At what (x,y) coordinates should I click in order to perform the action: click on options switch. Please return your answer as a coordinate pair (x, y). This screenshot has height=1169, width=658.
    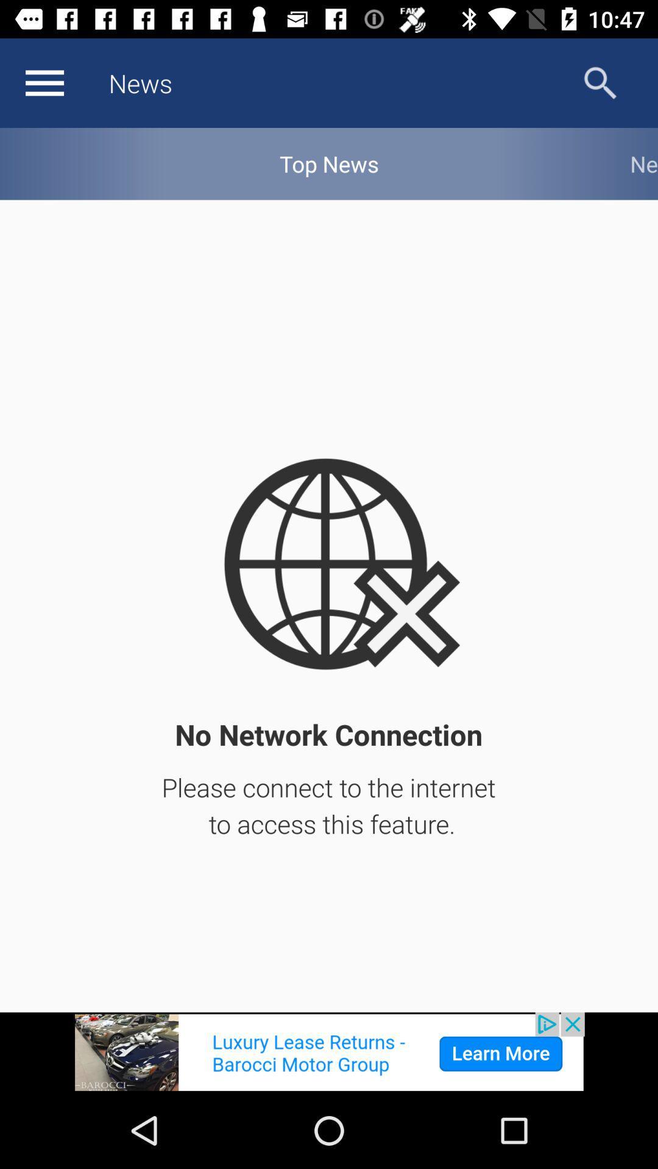
    Looking at the image, I should click on (44, 82).